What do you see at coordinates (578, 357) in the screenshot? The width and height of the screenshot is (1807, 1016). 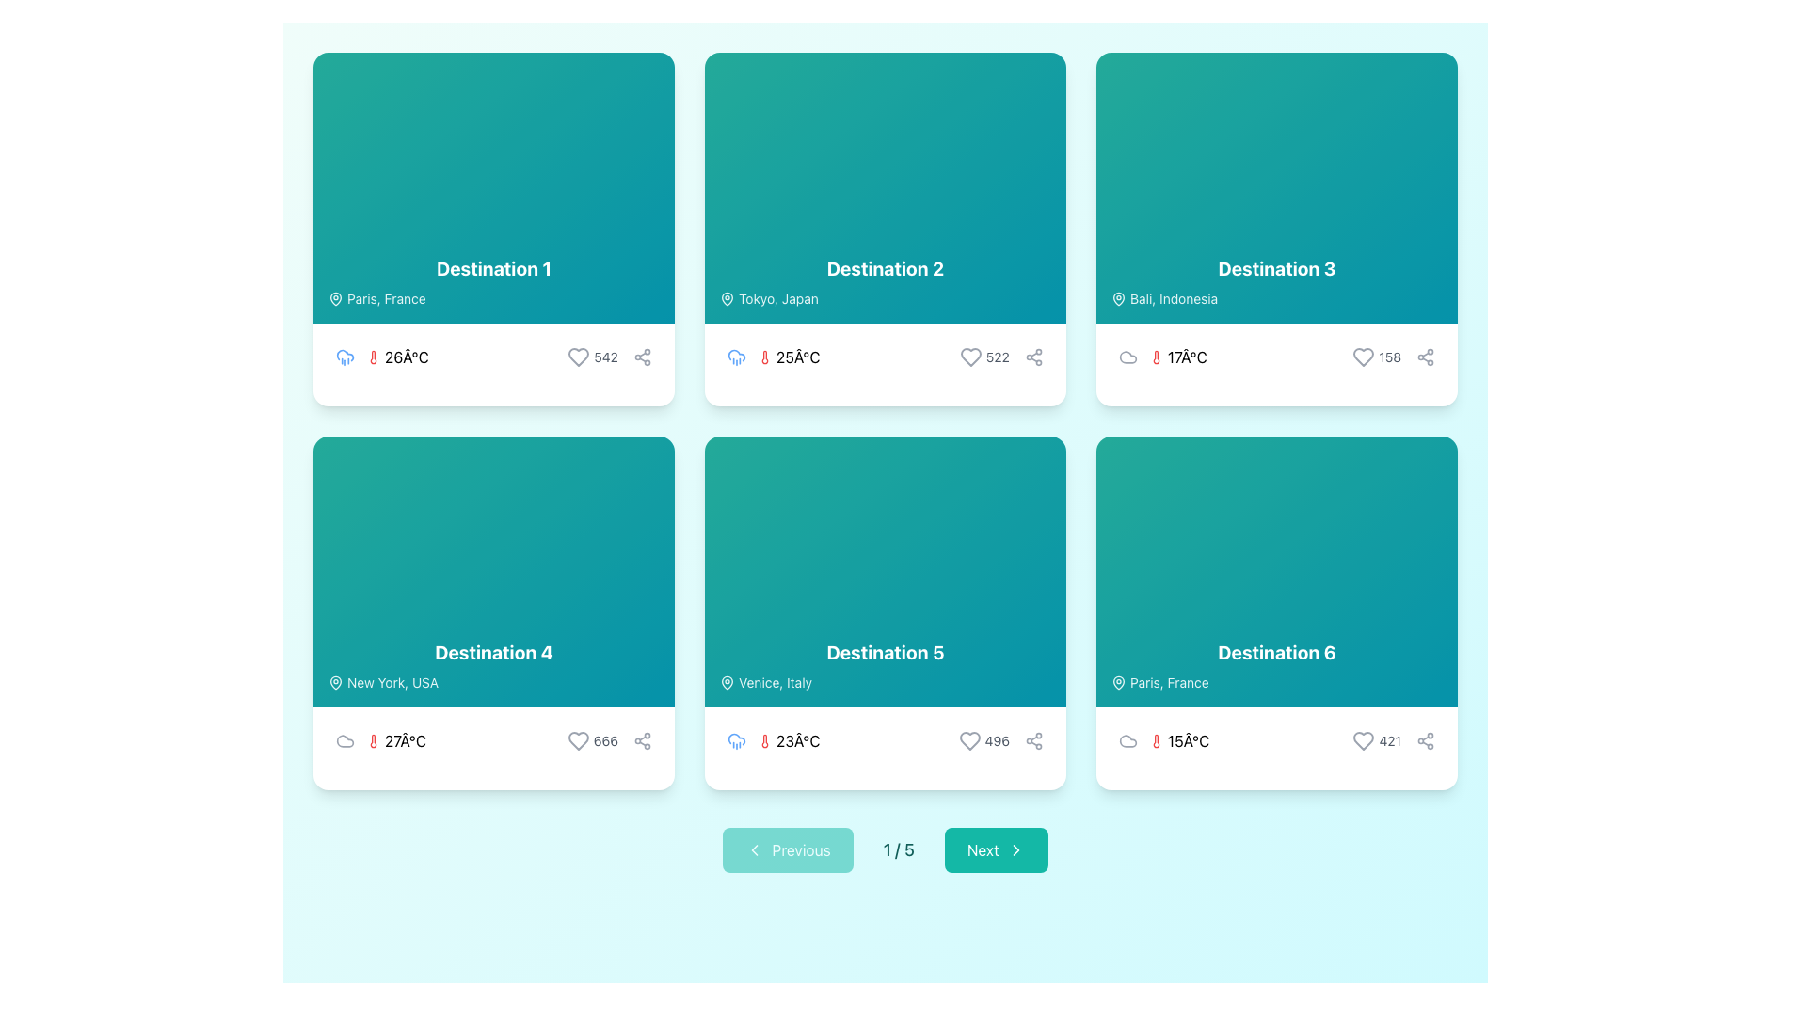 I see `the like or favorite icon button located at the bottom right of the first card in the grid layout` at bounding box center [578, 357].